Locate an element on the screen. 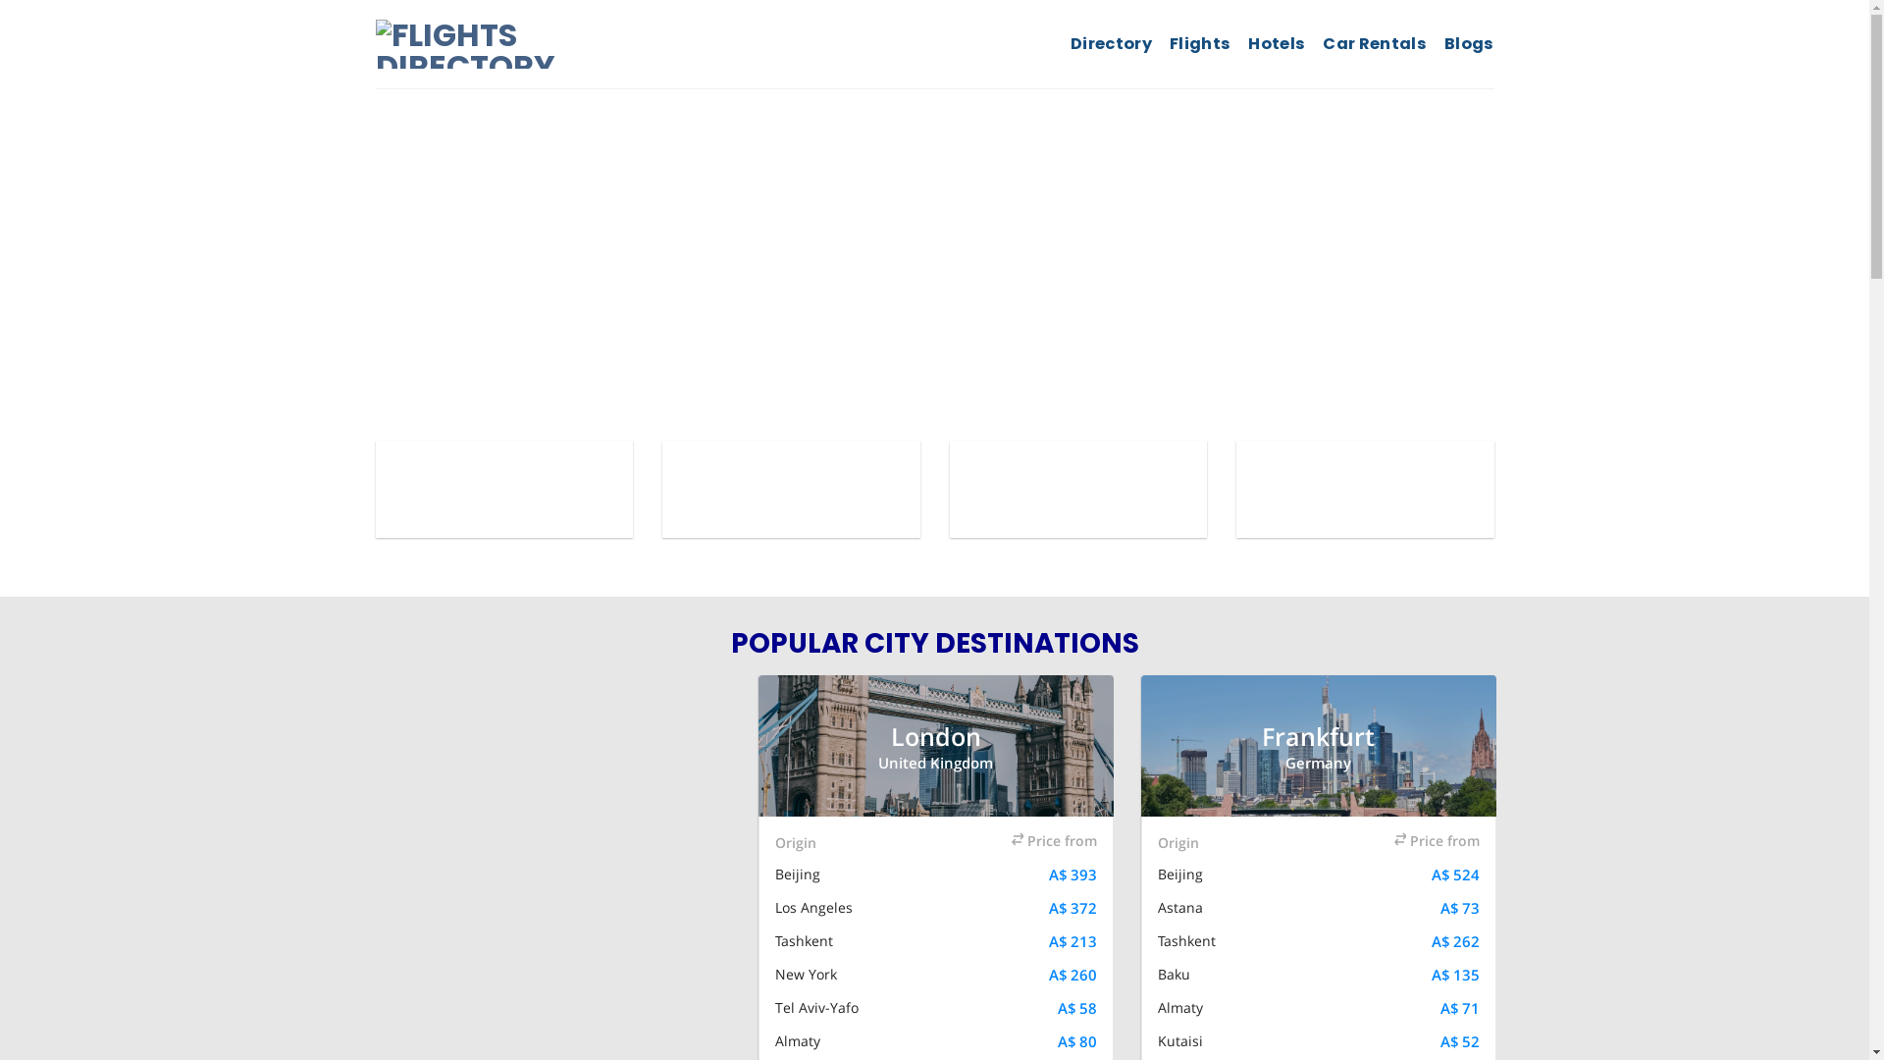  'Directory' is located at coordinates (1069, 44).